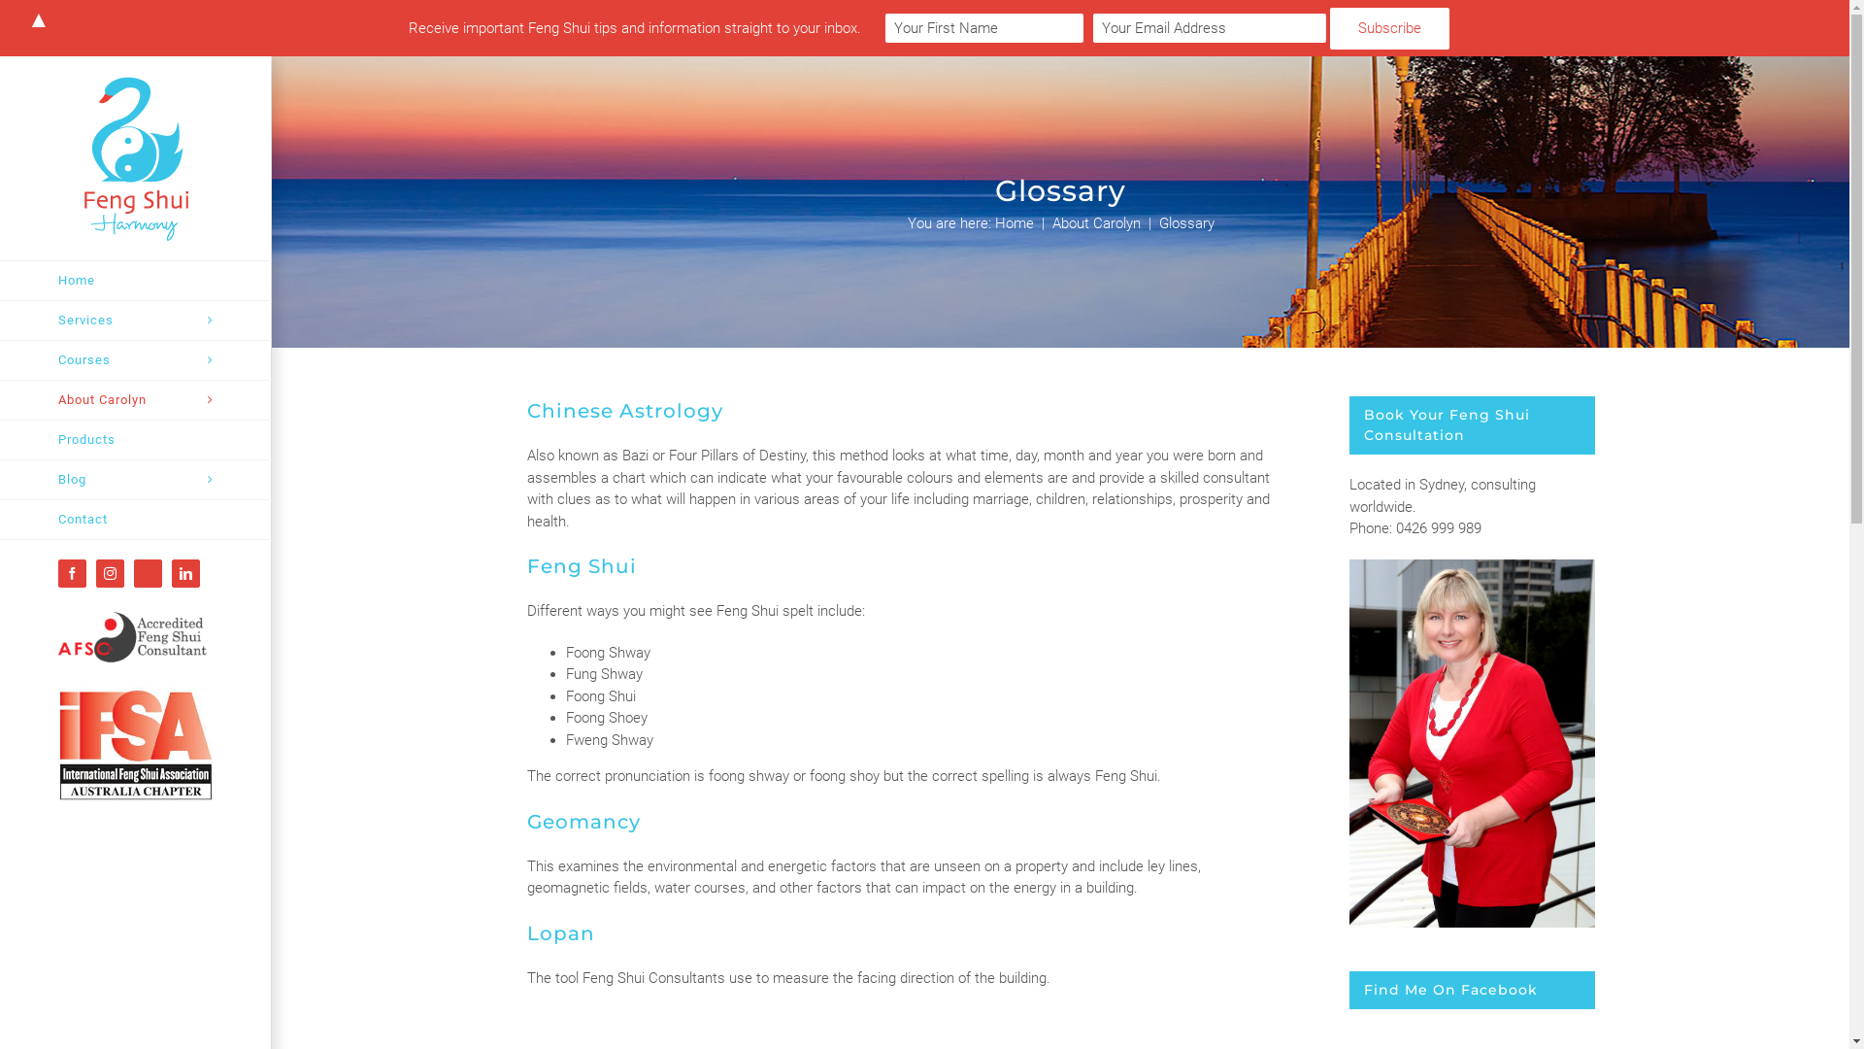 The height and width of the screenshot is (1049, 1864). I want to click on 'Home', so click(1012, 222).